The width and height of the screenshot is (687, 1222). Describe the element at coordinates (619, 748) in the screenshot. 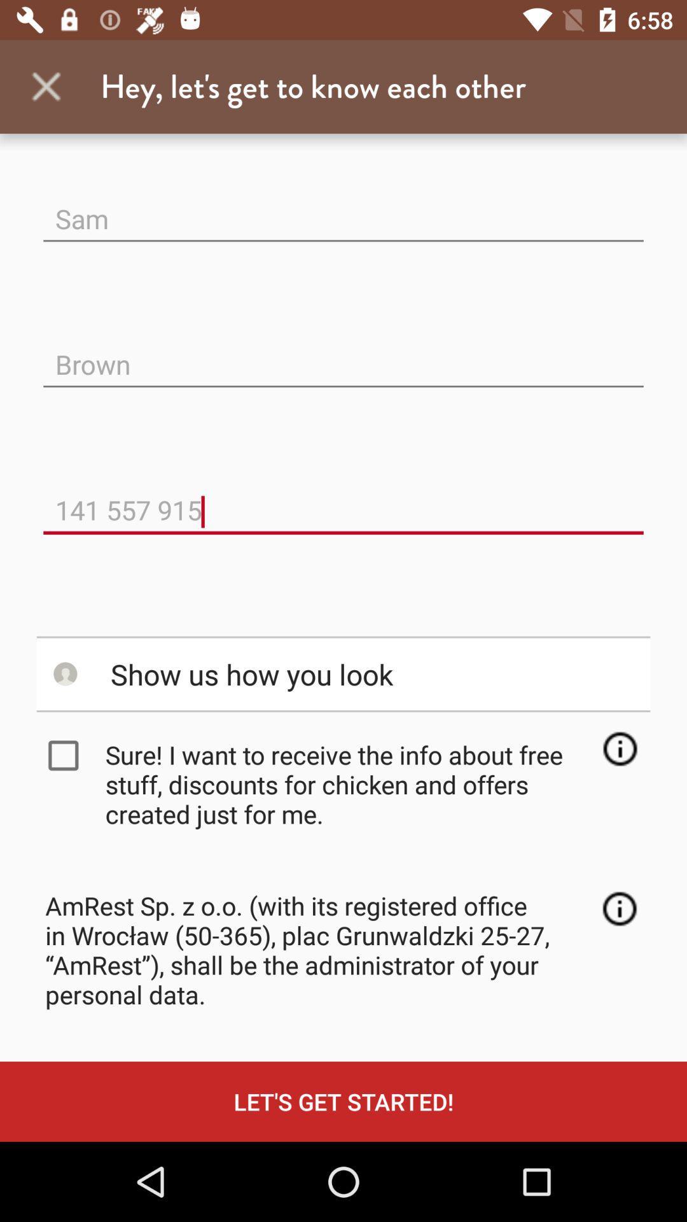

I see `the item to the right of sure i want item` at that location.